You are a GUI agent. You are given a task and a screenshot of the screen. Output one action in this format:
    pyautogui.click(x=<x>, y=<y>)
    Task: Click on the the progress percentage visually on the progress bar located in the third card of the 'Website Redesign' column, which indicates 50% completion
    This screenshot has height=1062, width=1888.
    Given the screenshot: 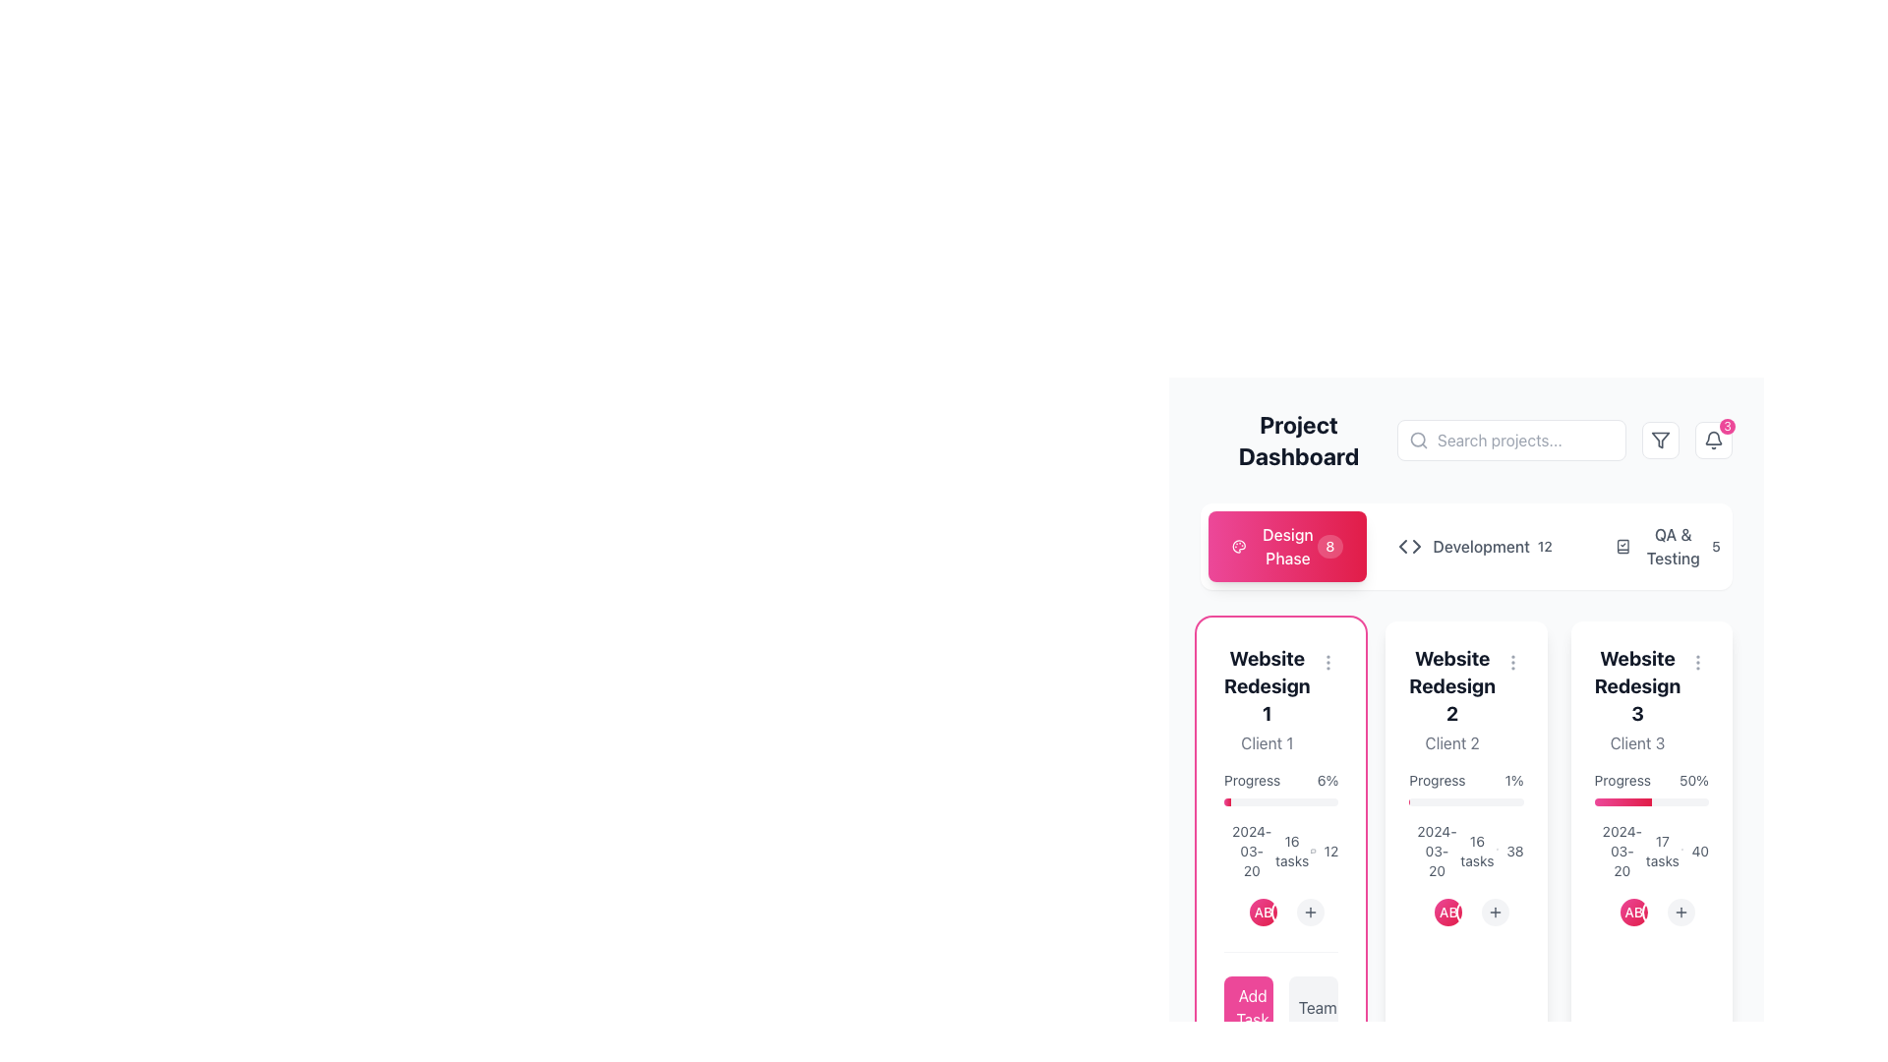 What is the action you would take?
    pyautogui.click(x=1651, y=802)
    